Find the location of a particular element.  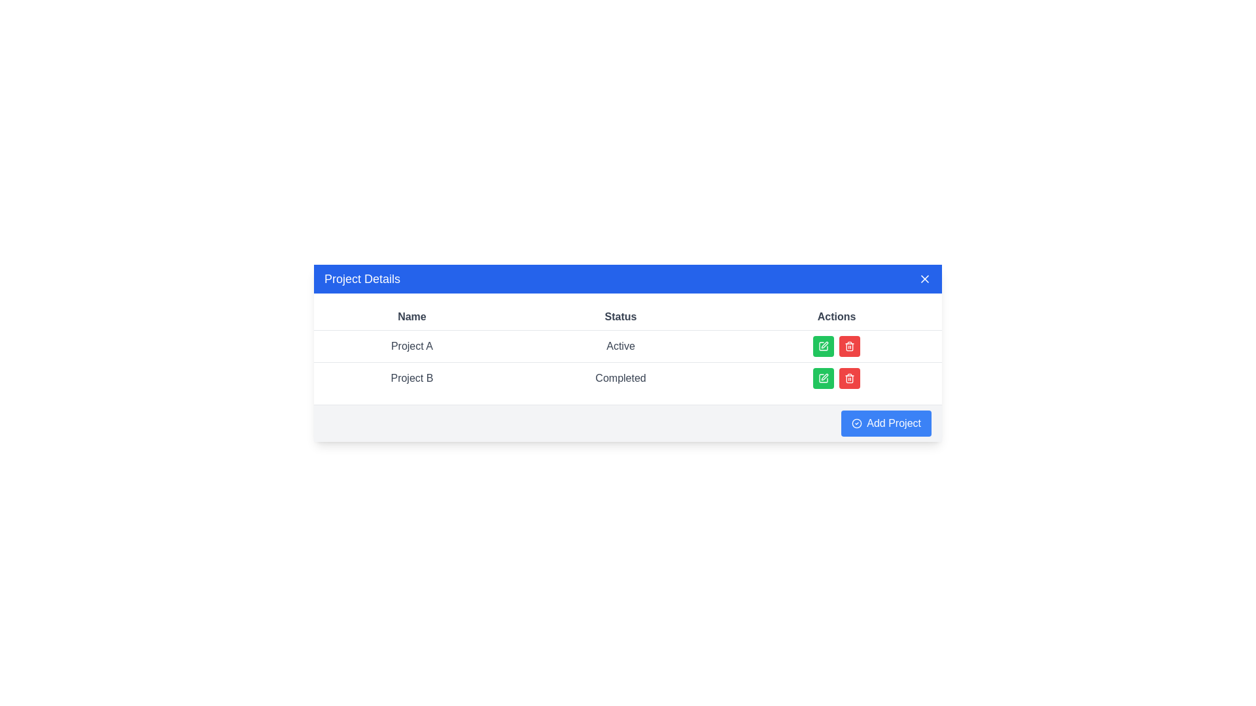

the edit icon located in the 'Actions' column of the second row of the table is located at coordinates (823, 378).